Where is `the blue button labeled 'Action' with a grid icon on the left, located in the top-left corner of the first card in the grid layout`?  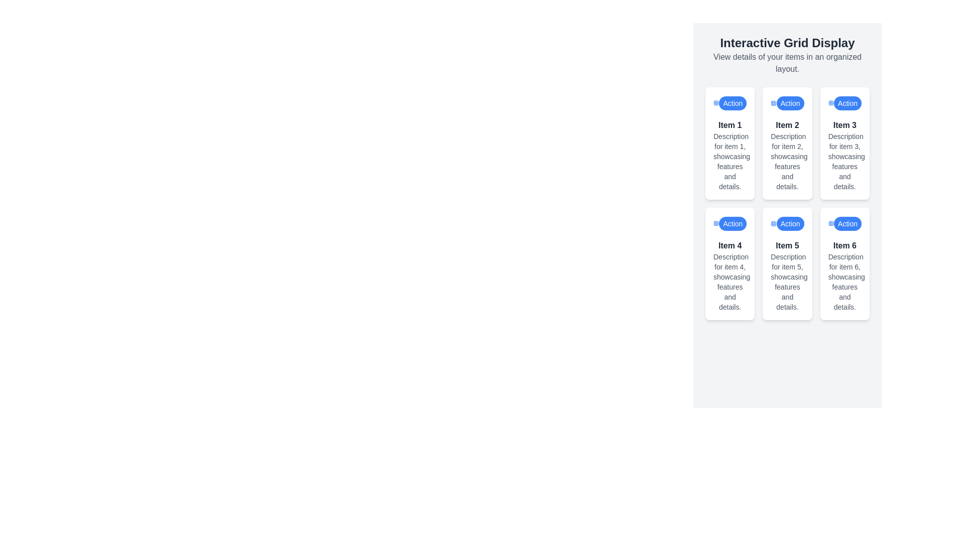 the blue button labeled 'Action' with a grid icon on the left, located in the top-left corner of the first card in the grid layout is located at coordinates (730, 103).